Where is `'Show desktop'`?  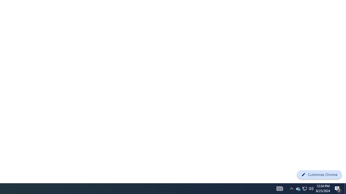 'Show desktop' is located at coordinates (345, 188).